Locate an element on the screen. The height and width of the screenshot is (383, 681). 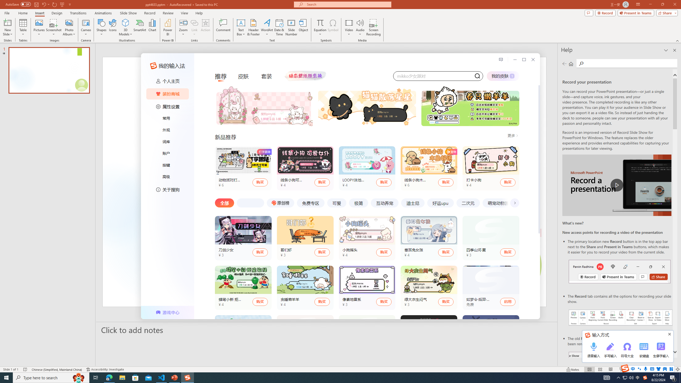
'Symbol...' is located at coordinates (333, 27).